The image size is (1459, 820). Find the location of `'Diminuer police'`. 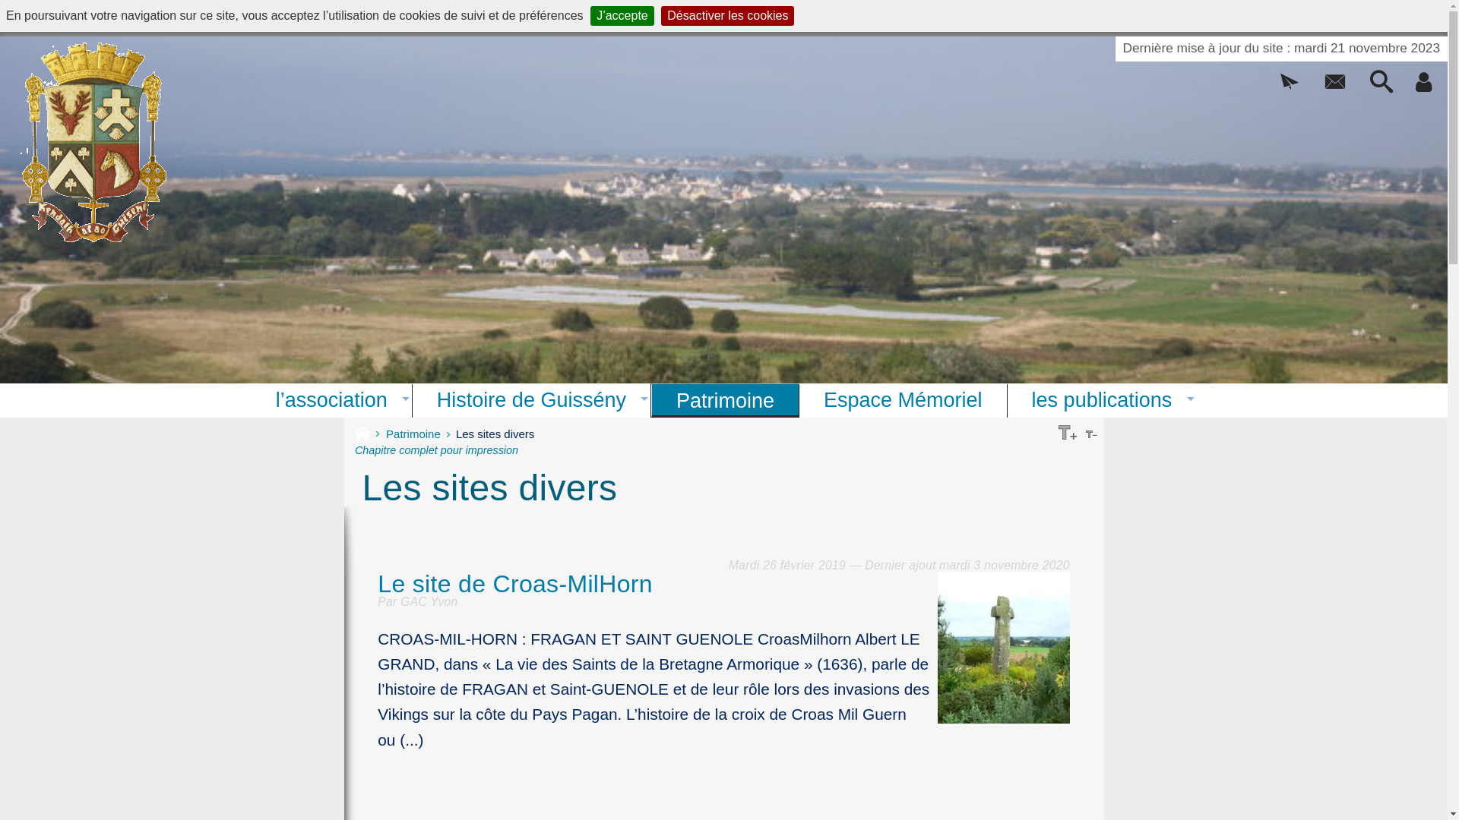

'Diminuer police' is located at coordinates (1090, 432).